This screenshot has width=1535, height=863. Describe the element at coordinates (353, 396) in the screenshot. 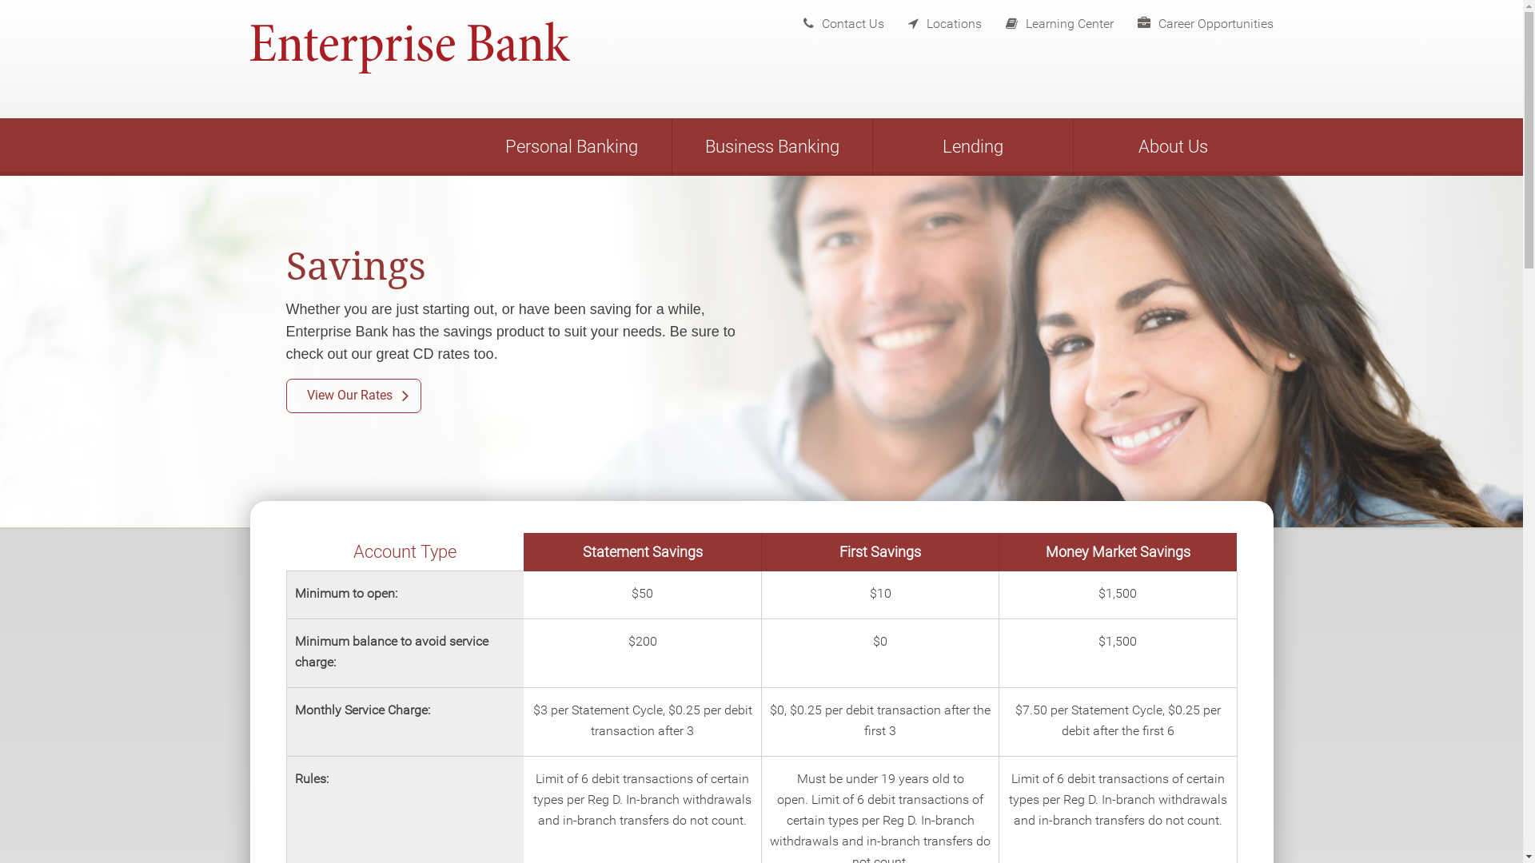

I see `'View Our Rates'` at that location.